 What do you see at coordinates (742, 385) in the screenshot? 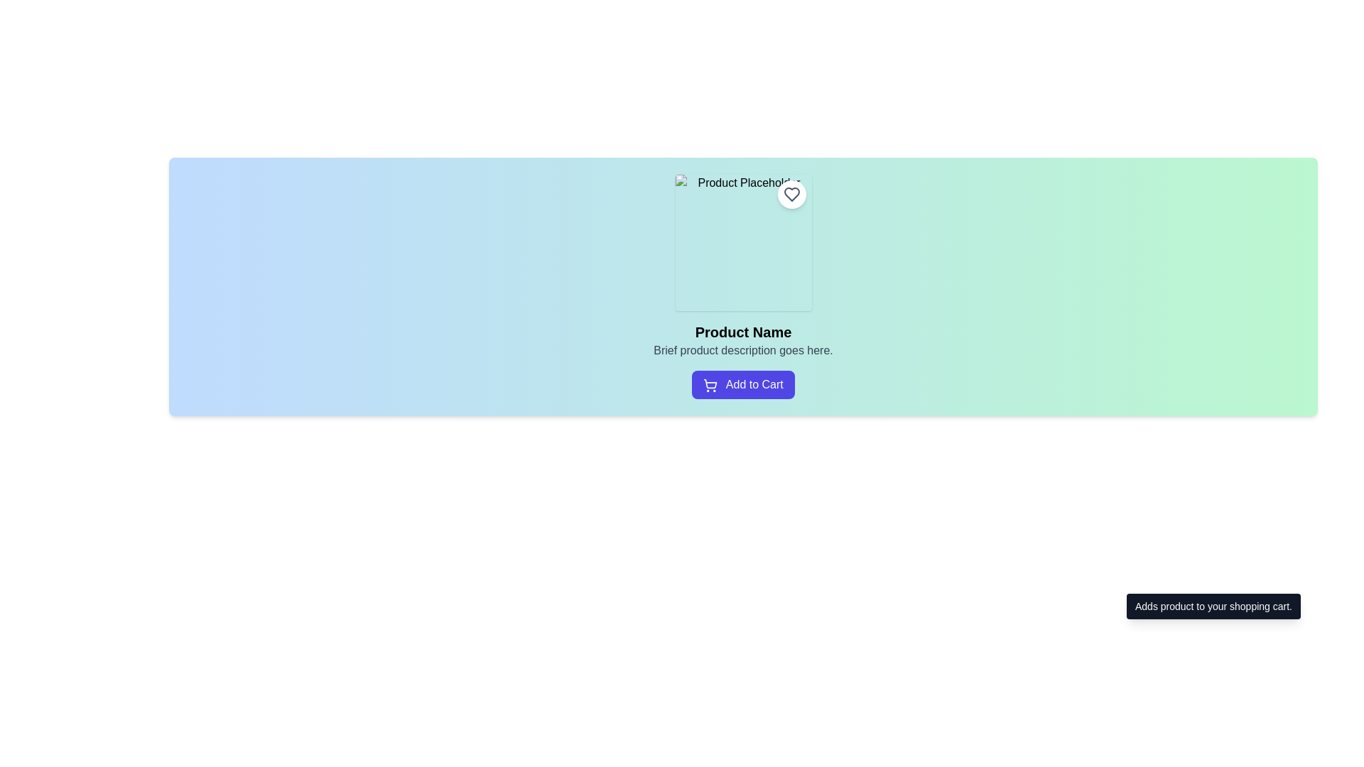
I see `the 'Add to Cart' button located below the product name and description in the product summary card` at bounding box center [742, 385].